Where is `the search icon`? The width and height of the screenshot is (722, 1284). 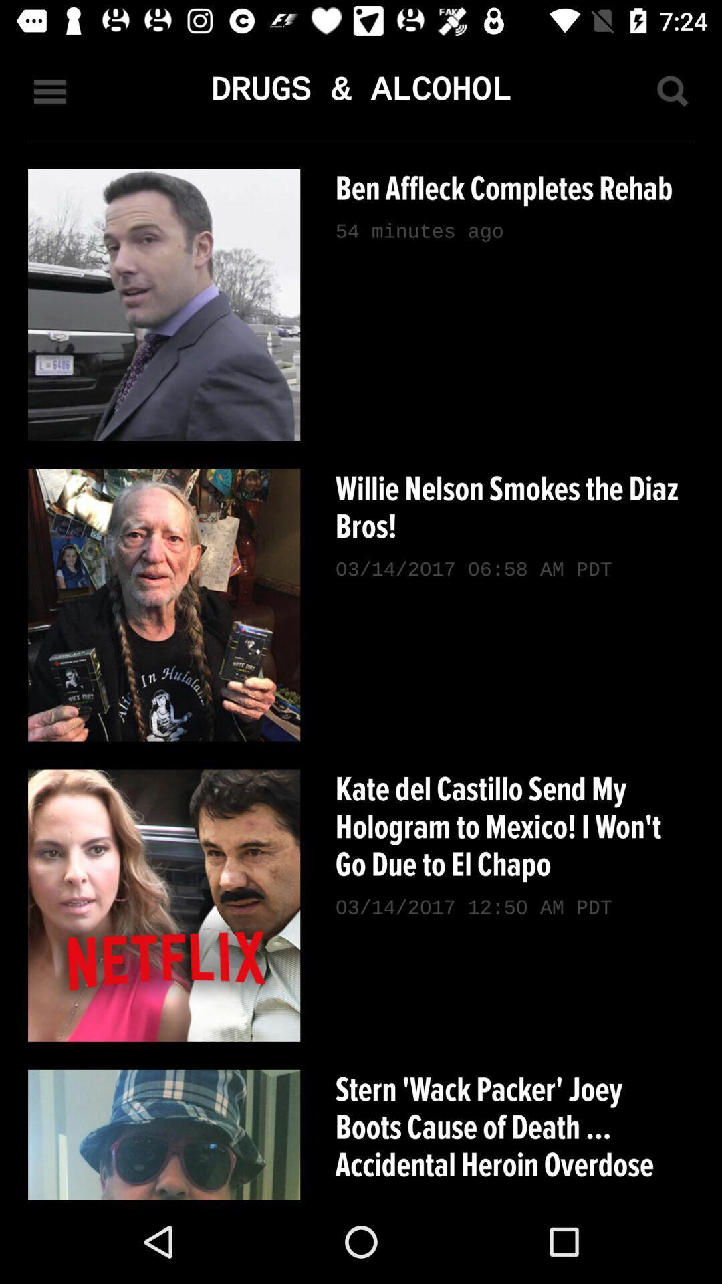
the search icon is located at coordinates (672, 90).